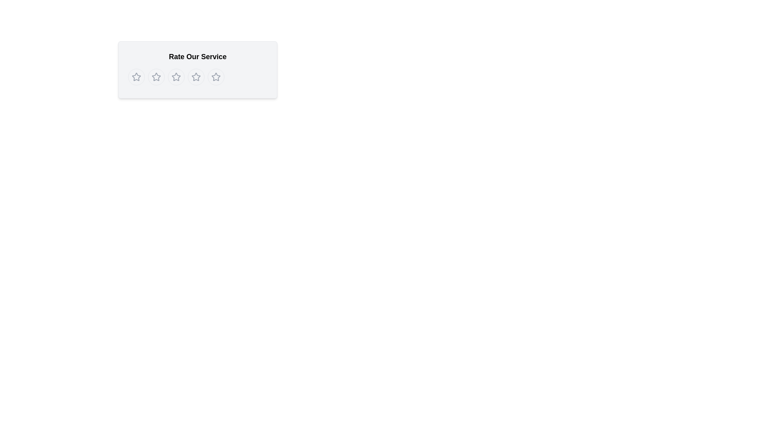 This screenshot has width=764, height=429. I want to click on the Static Header Text that introduces the rating section, located at the top of the panel above the star icons, so click(198, 56).